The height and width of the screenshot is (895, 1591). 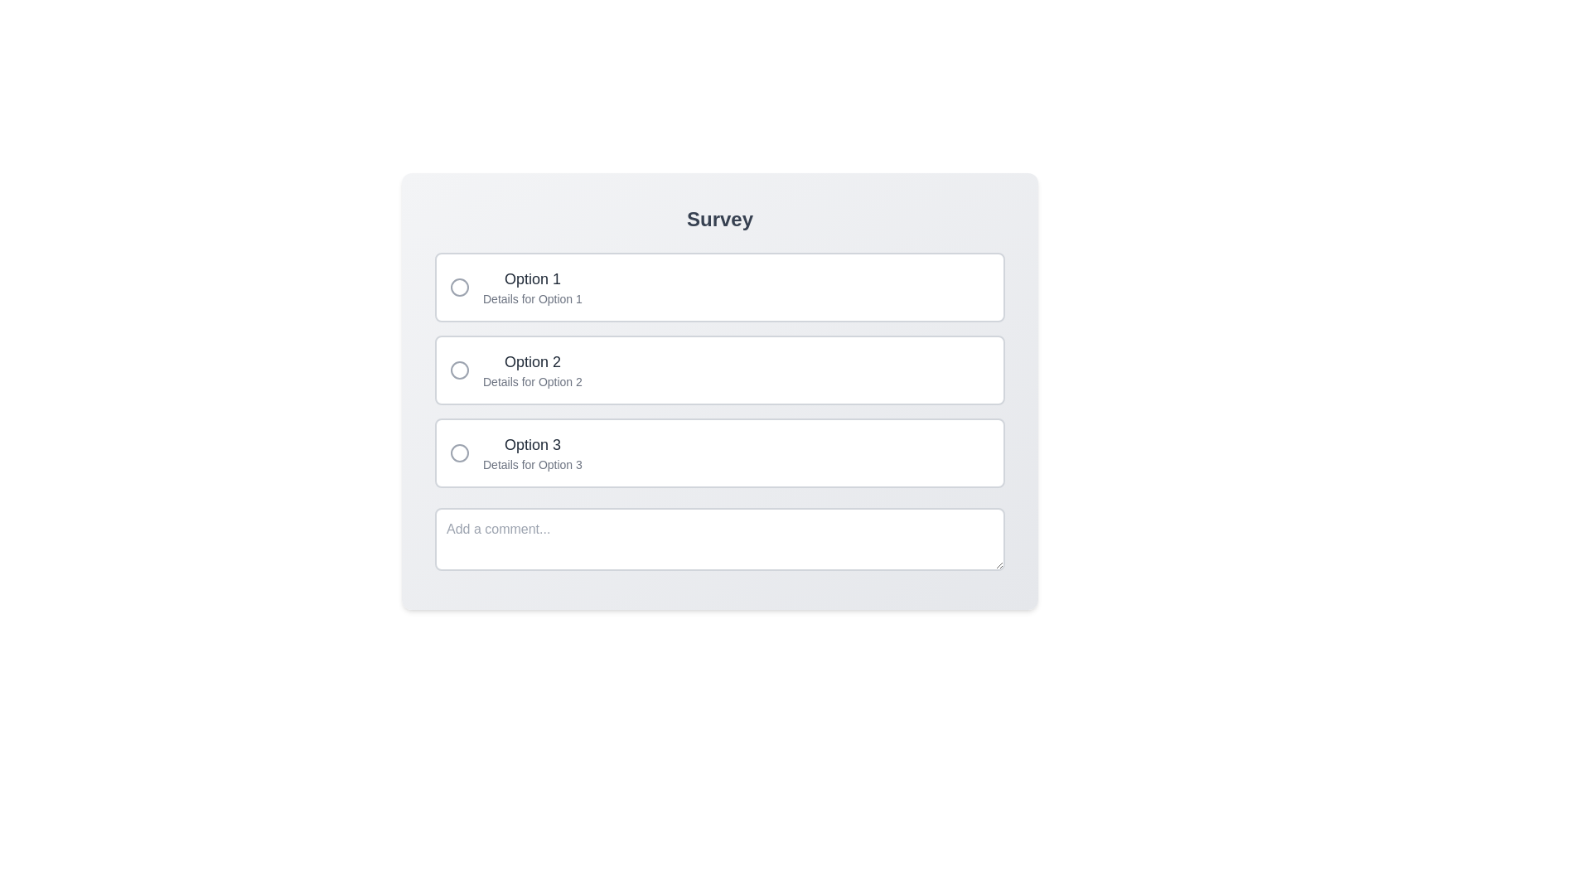 I want to click on text label displaying 'Option 1' in bold and dark gray, located at the top-left of the first option card above the description text, so click(x=533, y=278).